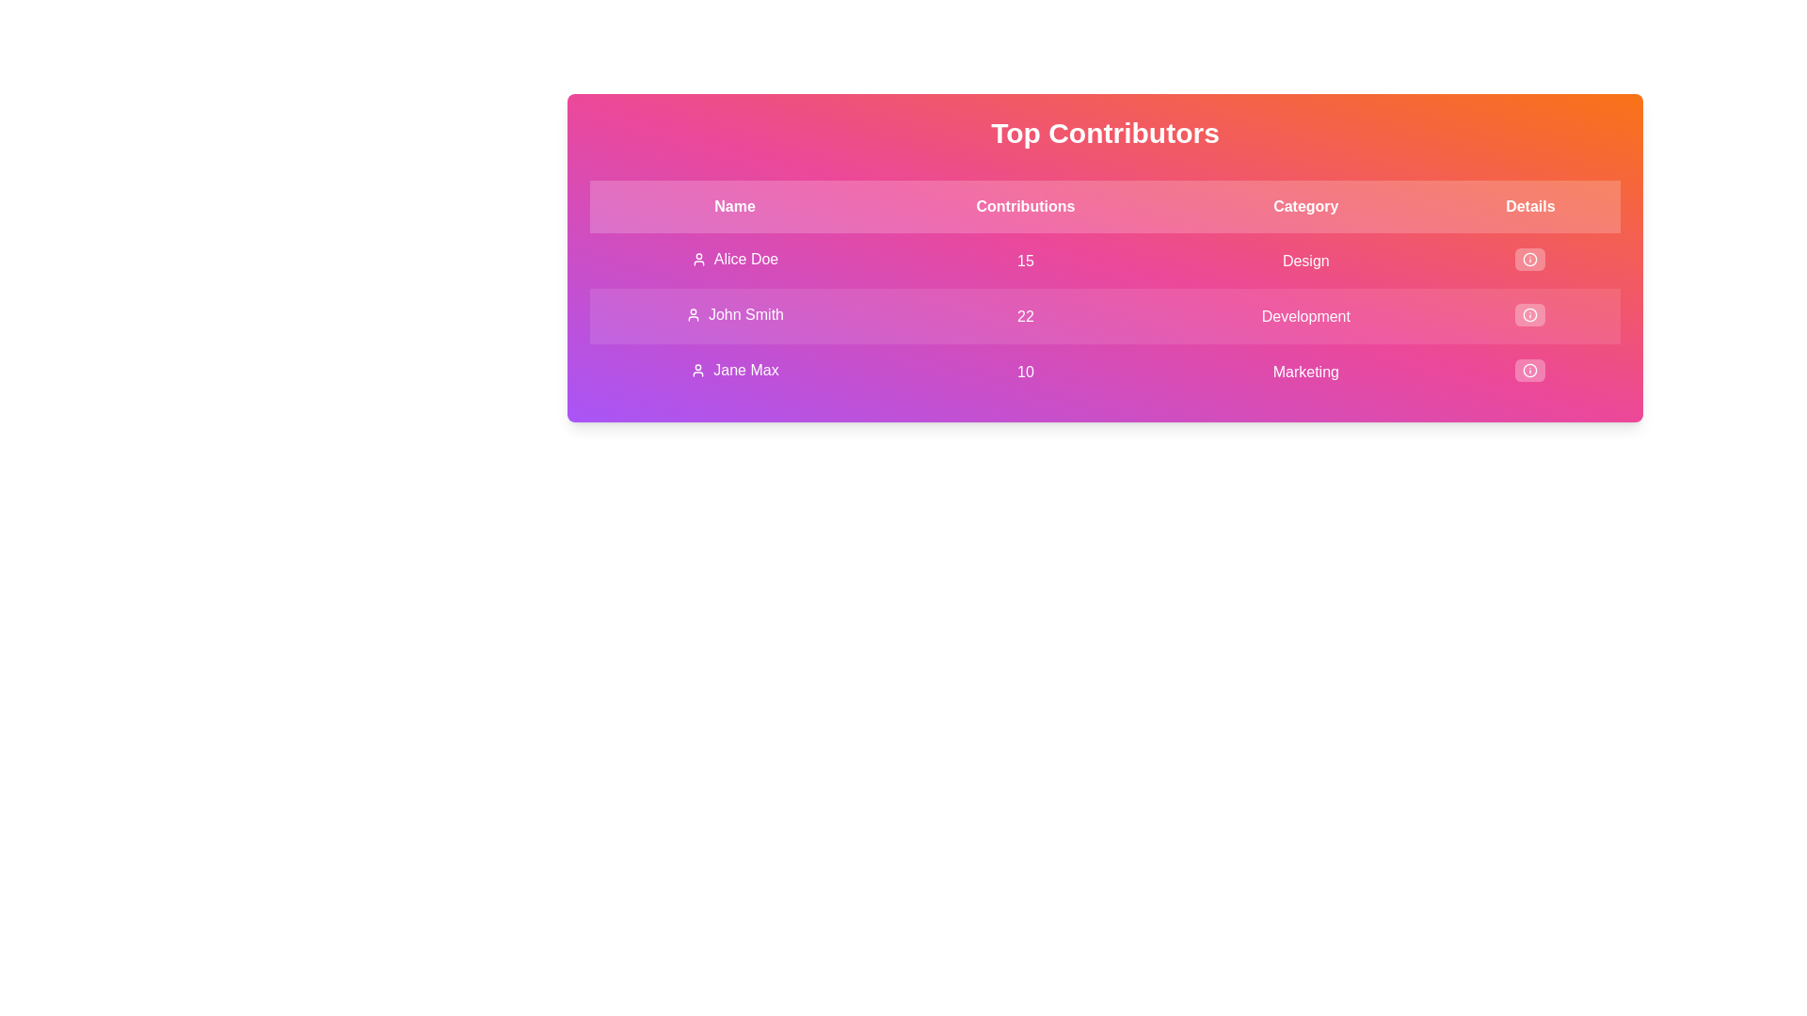  Describe the element at coordinates (1024, 372) in the screenshot. I see `the white text displaying the number '10' in the 'Contributions' column of the 'Top Contributors' list, positioned between 'Jane Max' and 'Marketing'` at that location.